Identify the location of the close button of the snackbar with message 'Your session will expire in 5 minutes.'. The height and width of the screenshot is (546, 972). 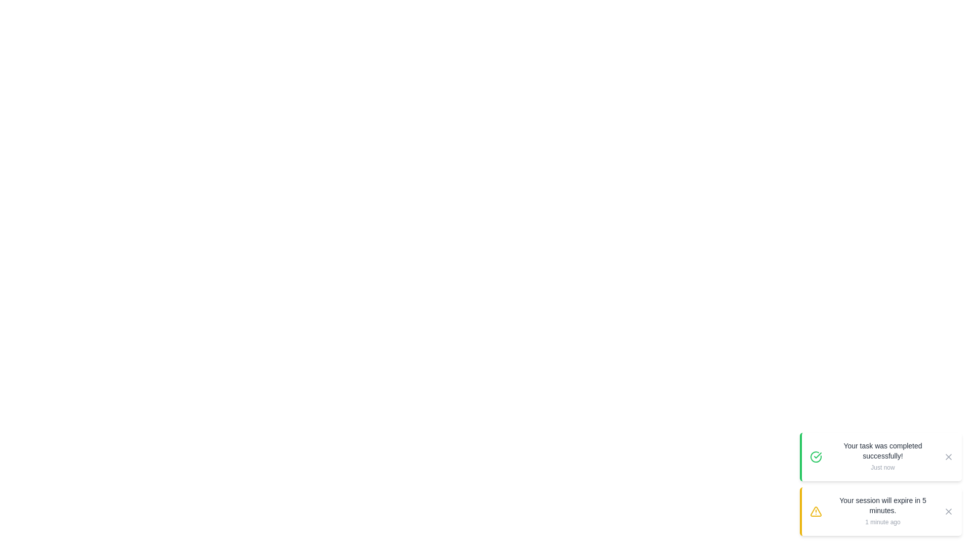
(948, 511).